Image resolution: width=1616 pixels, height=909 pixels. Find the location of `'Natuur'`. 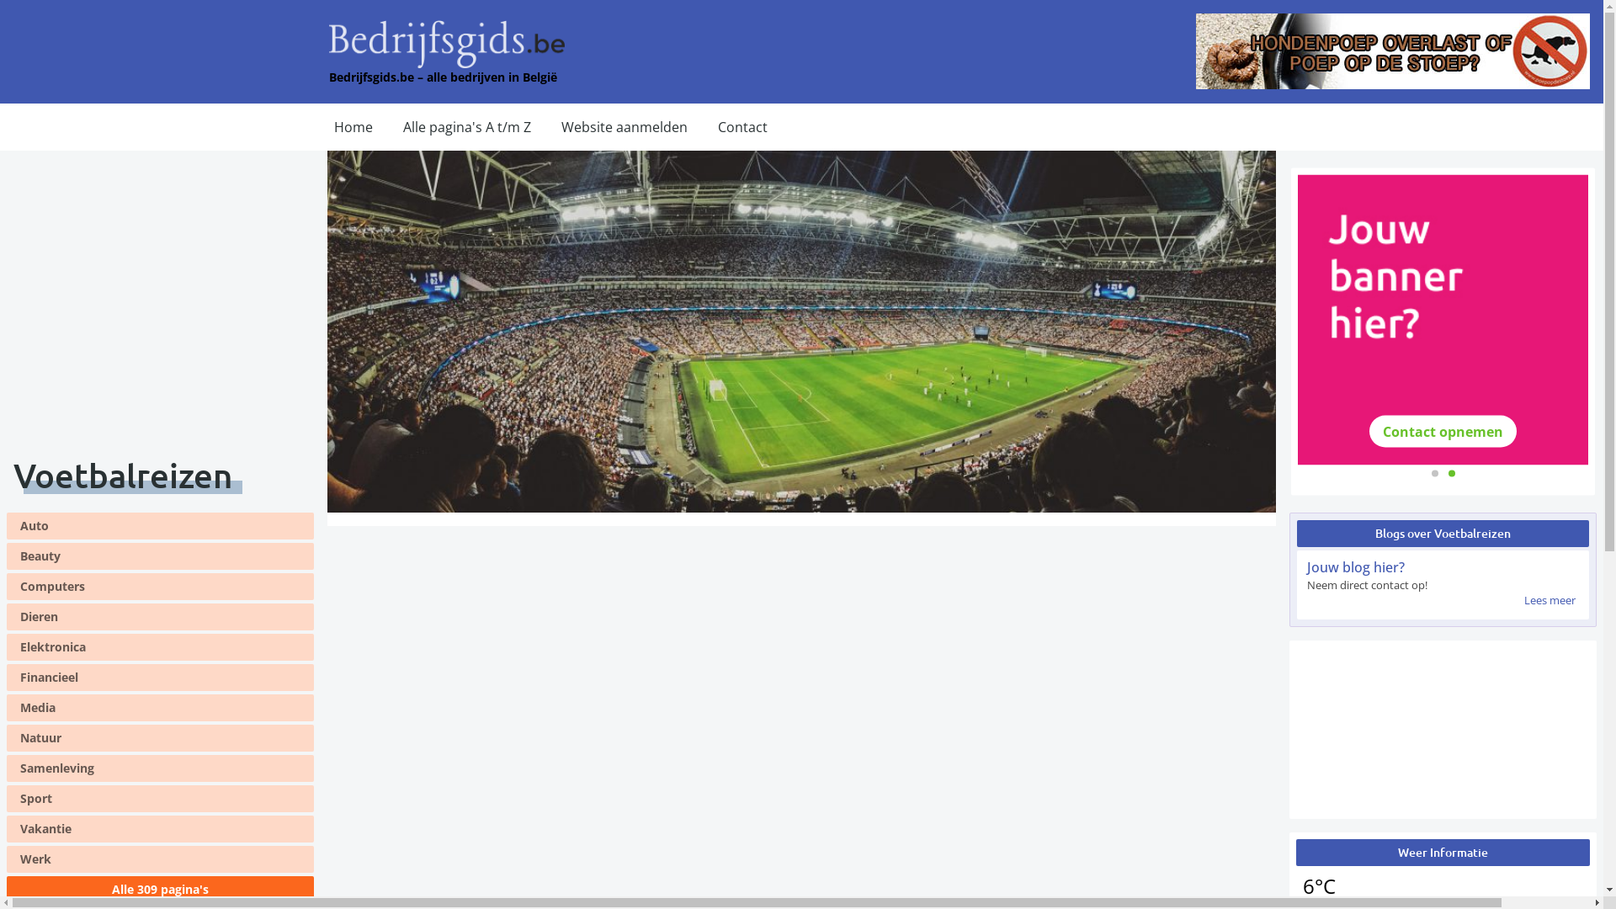

'Natuur' is located at coordinates (7, 736).